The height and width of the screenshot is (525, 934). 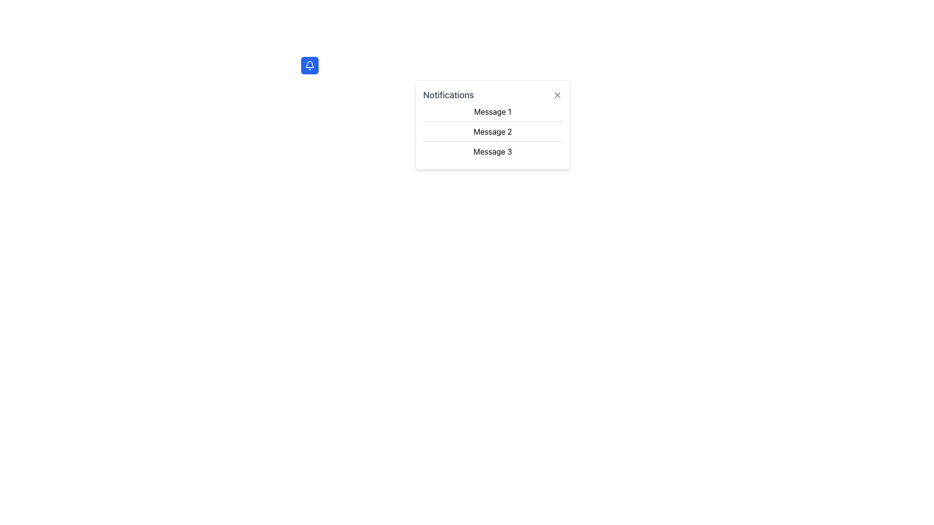 I want to click on the 'X' icon close button located in the top-right corner of the notification card, so click(x=557, y=95).